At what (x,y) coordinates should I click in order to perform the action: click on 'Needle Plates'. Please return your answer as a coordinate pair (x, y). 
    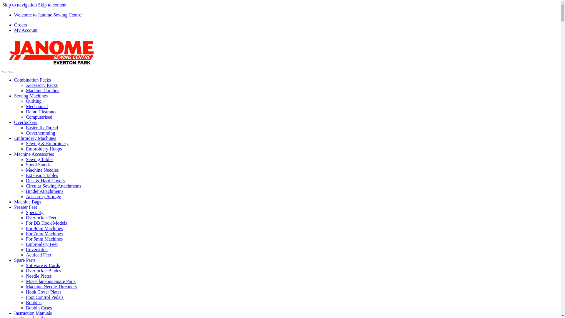
    Looking at the image, I should click on (38, 276).